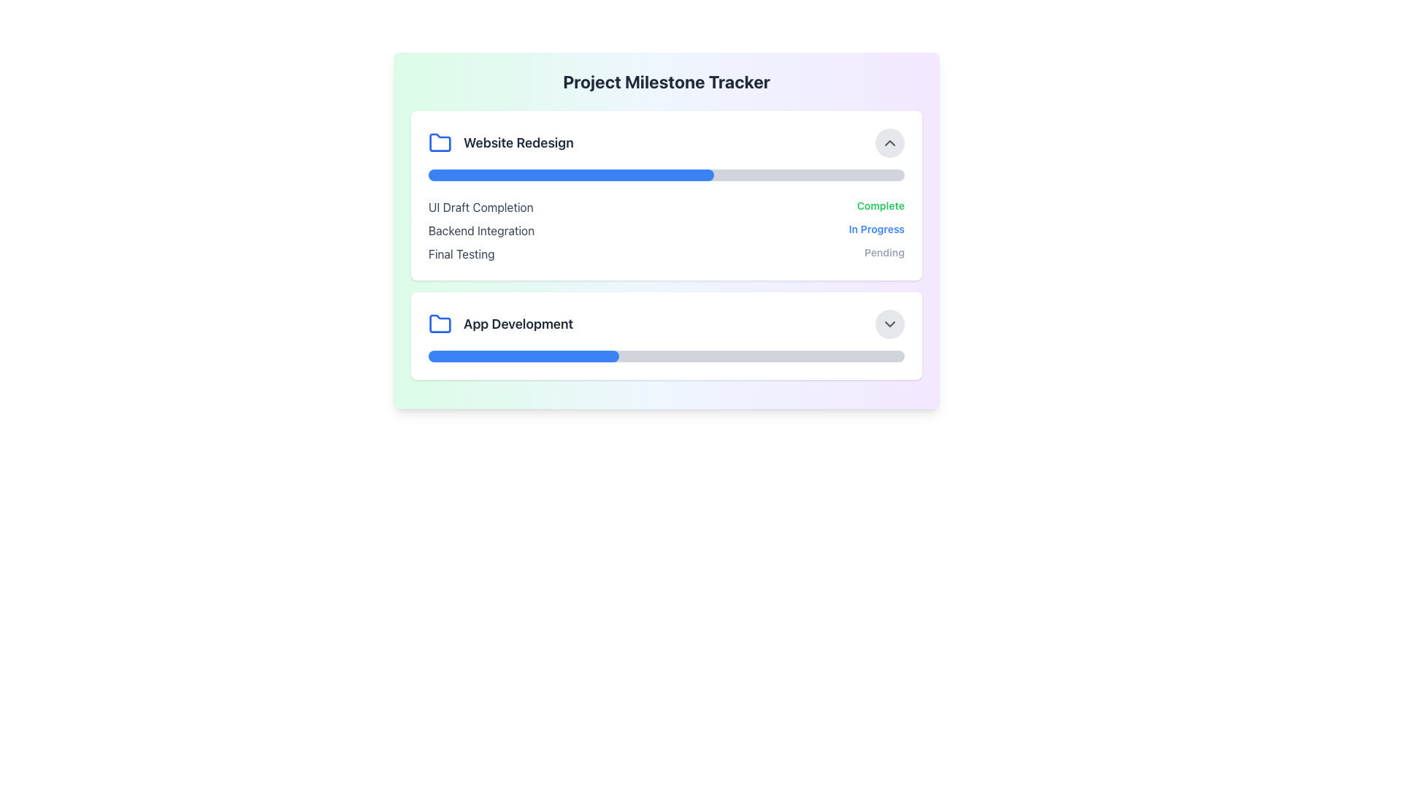  What do you see at coordinates (889, 323) in the screenshot?
I see `the Icon (Chevron Down) located in the circular button at the top-right corner of the 'App Development' section` at bounding box center [889, 323].